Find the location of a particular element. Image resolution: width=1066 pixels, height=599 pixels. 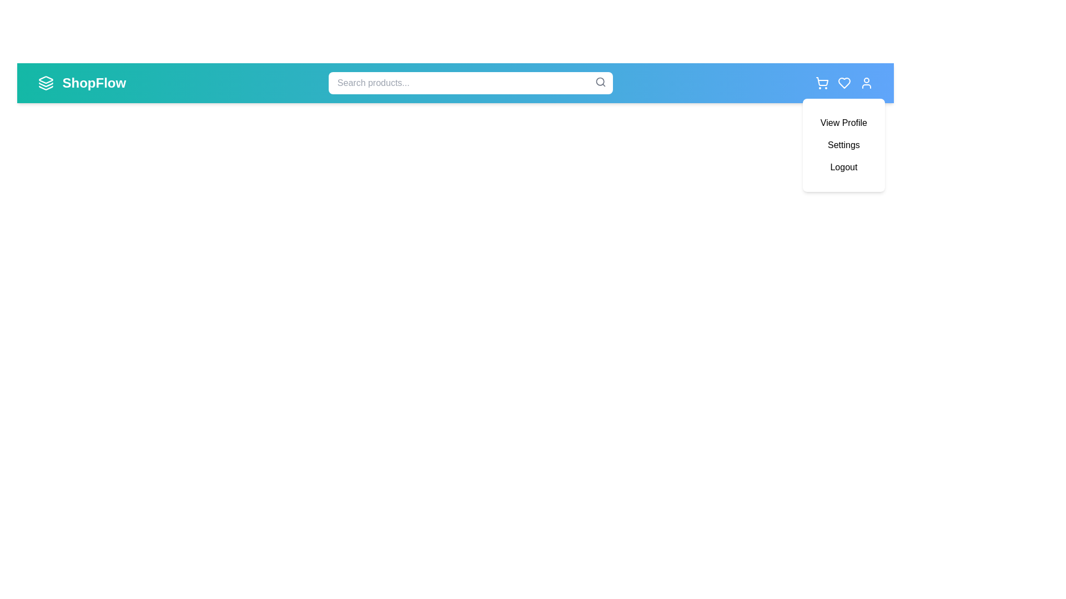

the 'Logout' option in the dropdown menu is located at coordinates (843, 167).